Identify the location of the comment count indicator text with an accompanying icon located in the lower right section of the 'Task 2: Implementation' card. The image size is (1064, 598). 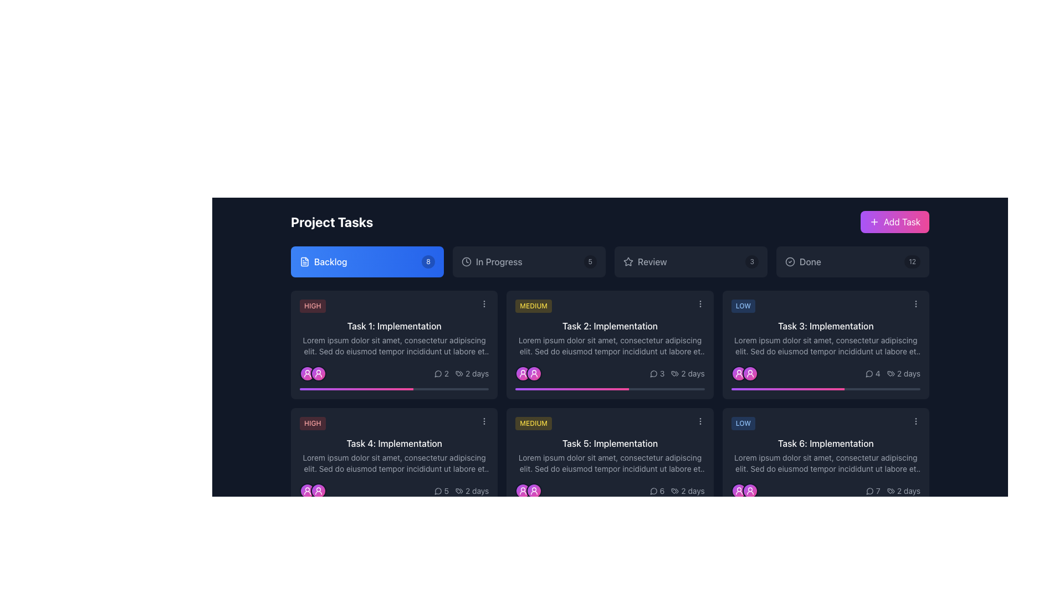
(657, 374).